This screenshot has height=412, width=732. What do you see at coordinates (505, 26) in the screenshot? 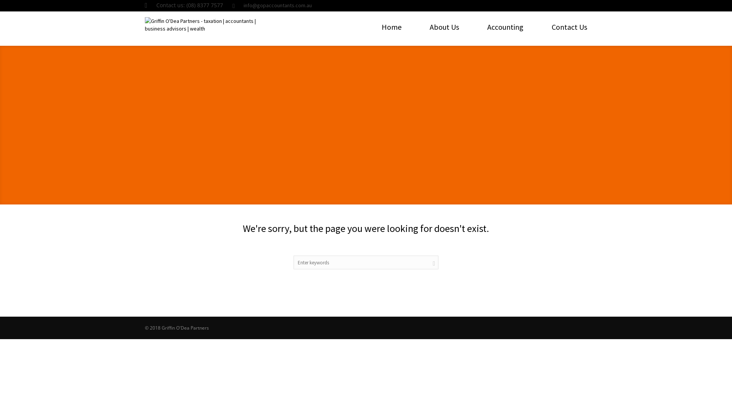
I see `'Accounting'` at bounding box center [505, 26].